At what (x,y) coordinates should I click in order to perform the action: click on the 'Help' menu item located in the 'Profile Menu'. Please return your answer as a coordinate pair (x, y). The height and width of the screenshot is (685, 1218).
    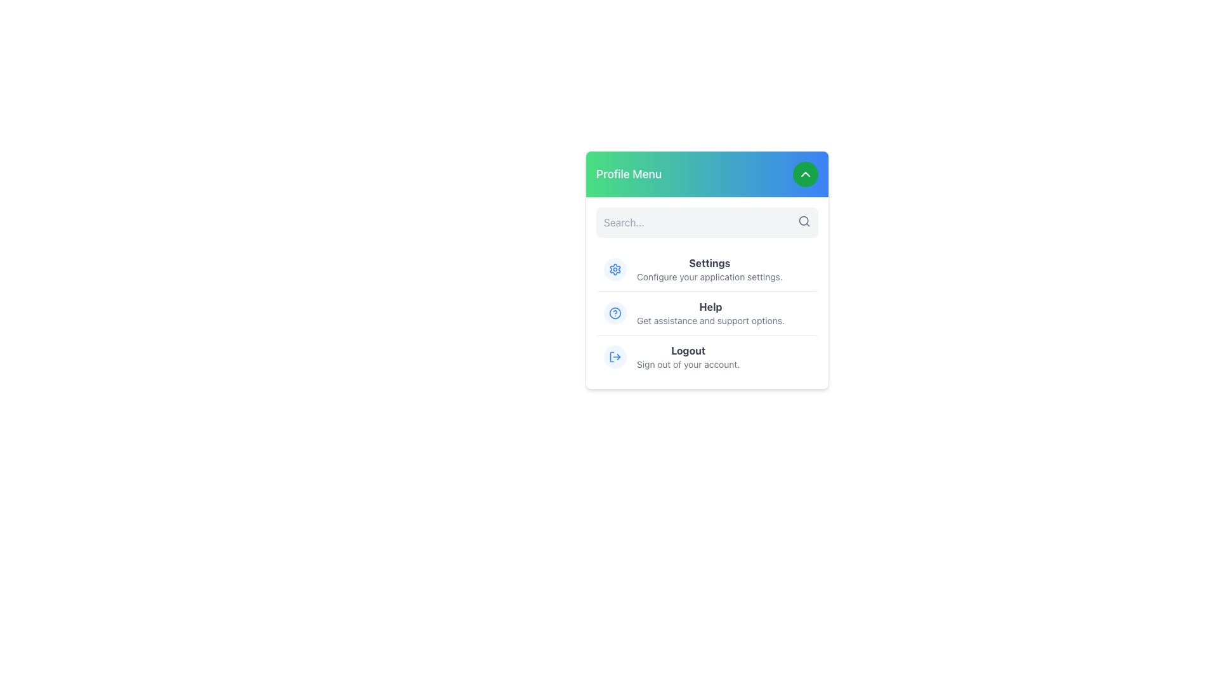
    Looking at the image, I should click on (706, 313).